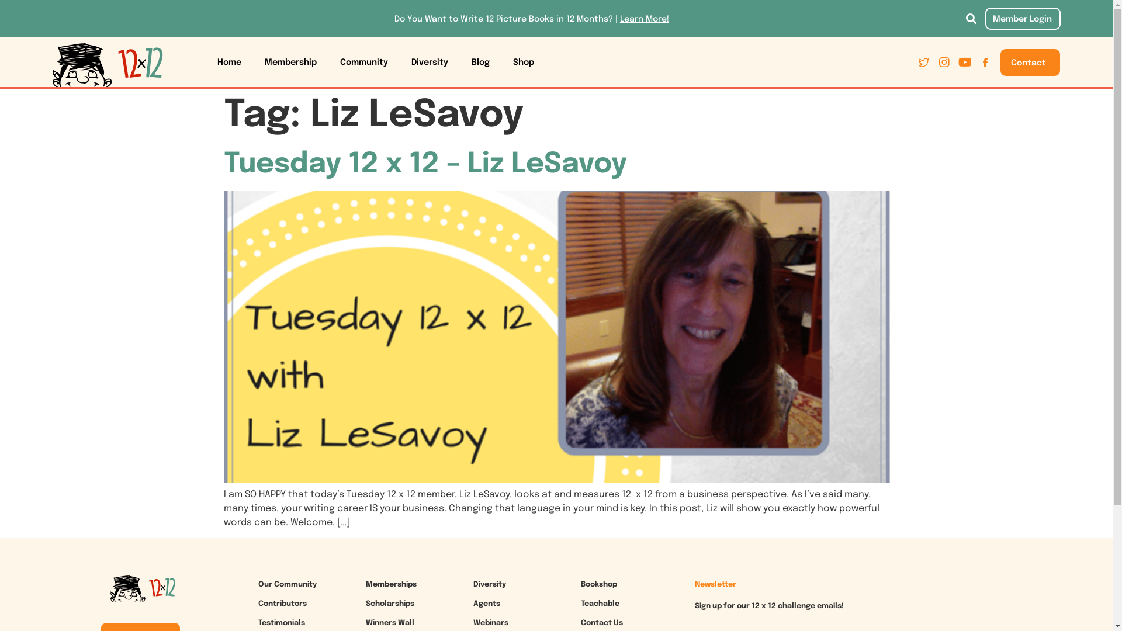 The width and height of the screenshot is (1122, 631). What do you see at coordinates (984, 18) in the screenshot?
I see `'Member Login'` at bounding box center [984, 18].